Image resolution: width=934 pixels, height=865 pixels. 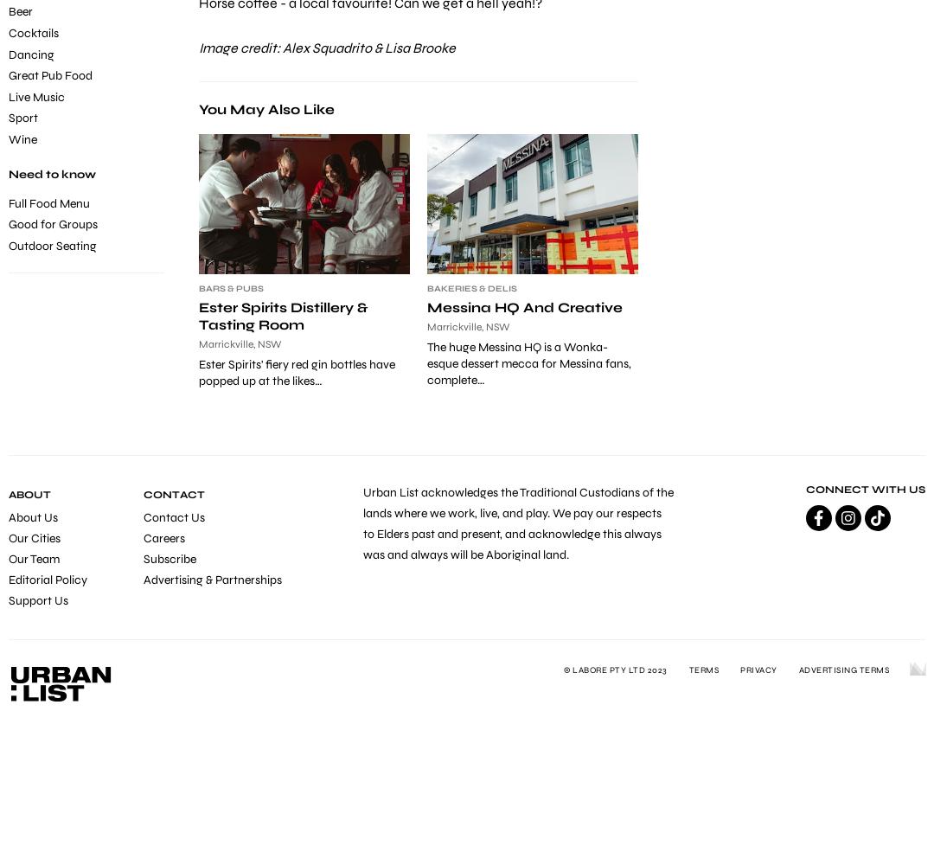 What do you see at coordinates (169, 558) in the screenshot?
I see `'Subscribe'` at bounding box center [169, 558].